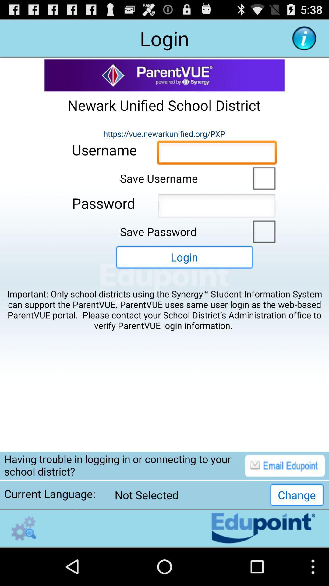 The height and width of the screenshot is (586, 329). I want to click on password, so click(217, 207).